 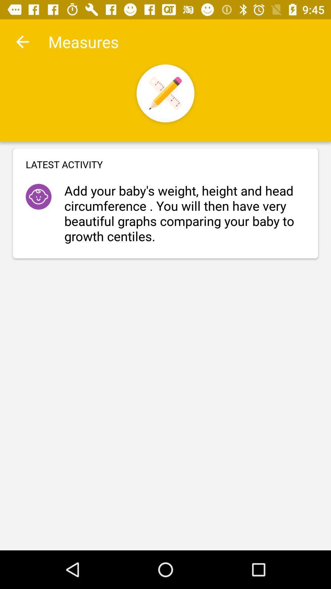 I want to click on item next to the measures, so click(x=22, y=41).